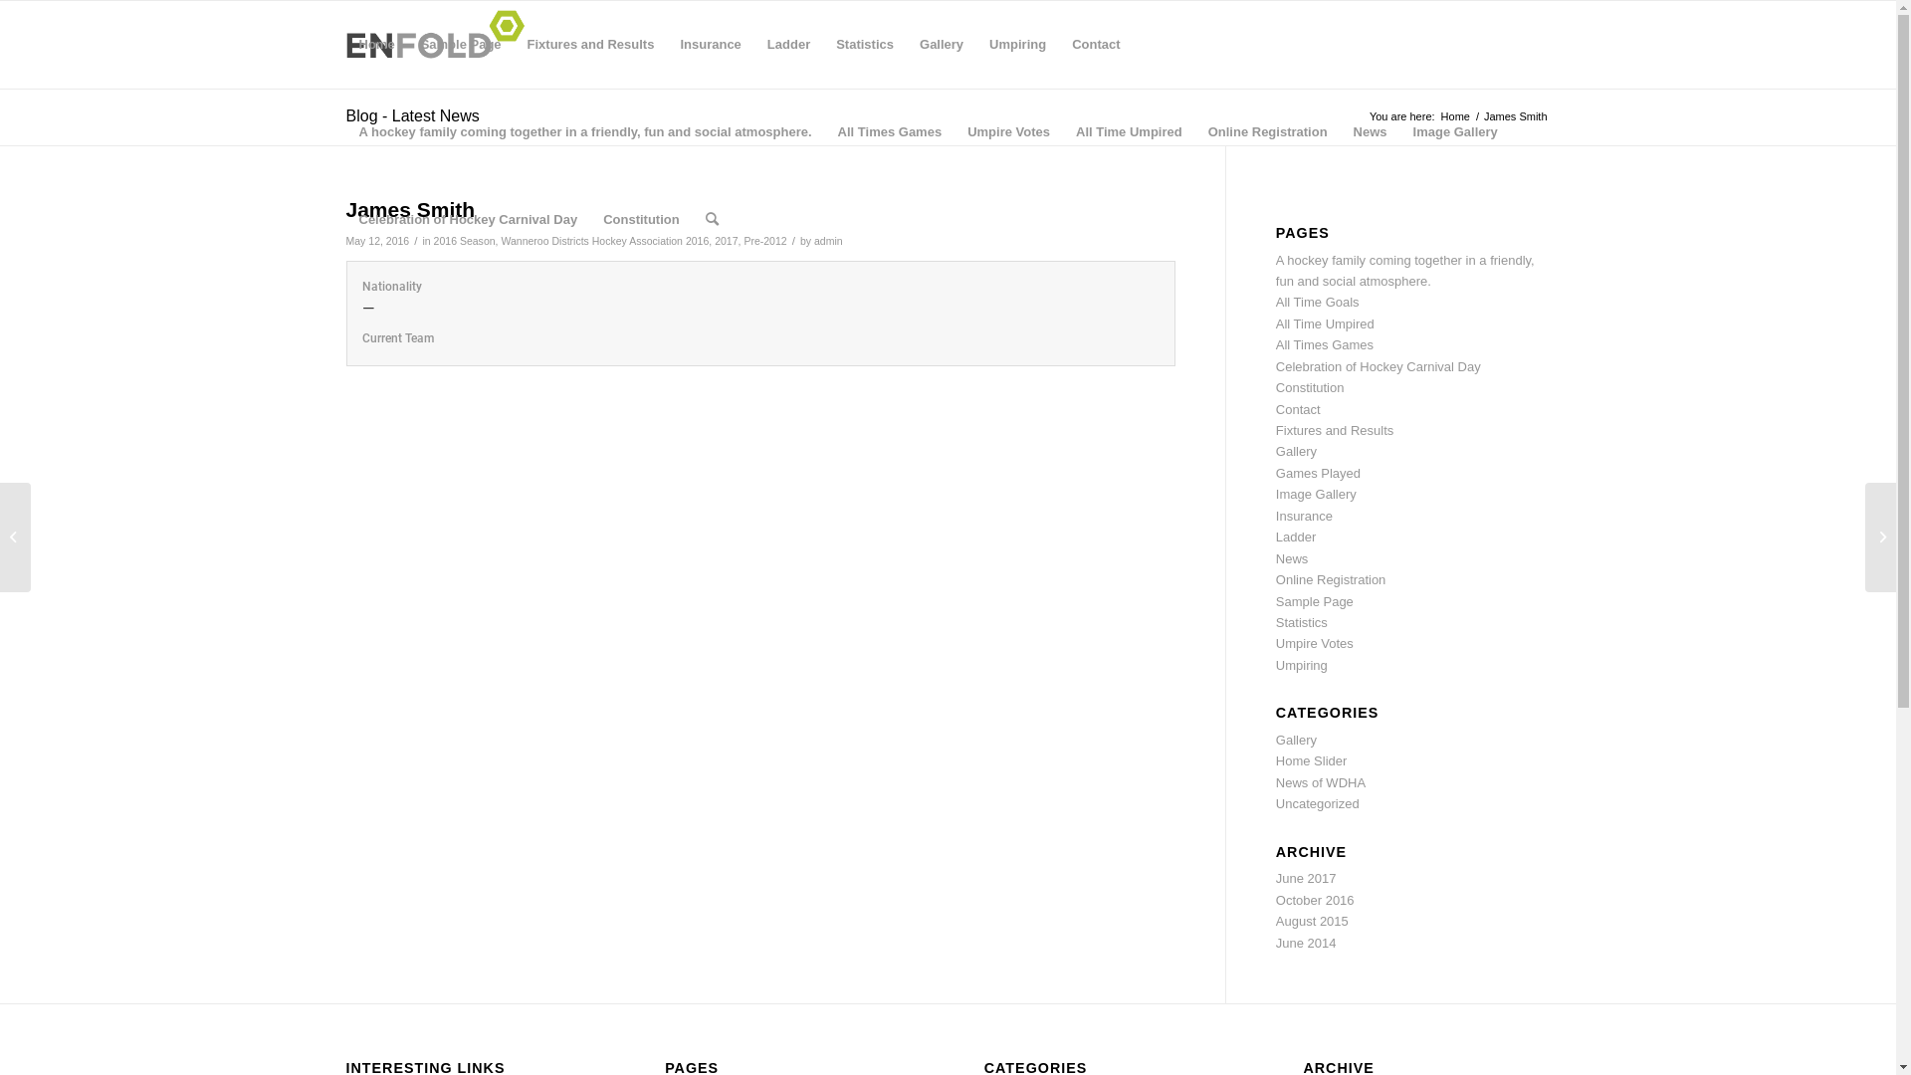 The width and height of the screenshot is (1911, 1075). I want to click on 'admin', so click(828, 240).